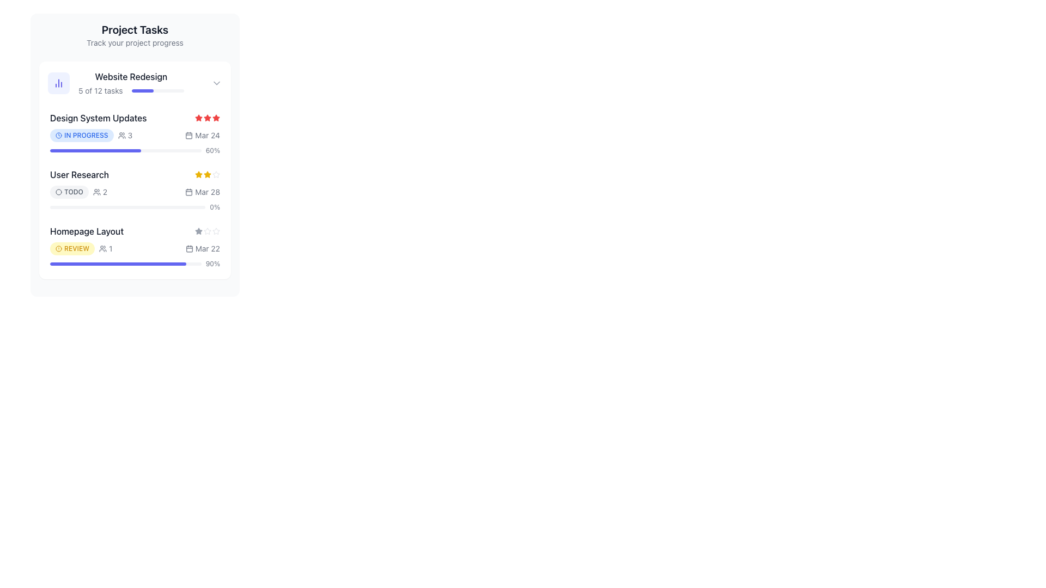 This screenshot has height=588, width=1046. What do you see at coordinates (135, 135) in the screenshot?
I see `the Informative status indicator located below the title in the 'Project Tasks' section` at bounding box center [135, 135].